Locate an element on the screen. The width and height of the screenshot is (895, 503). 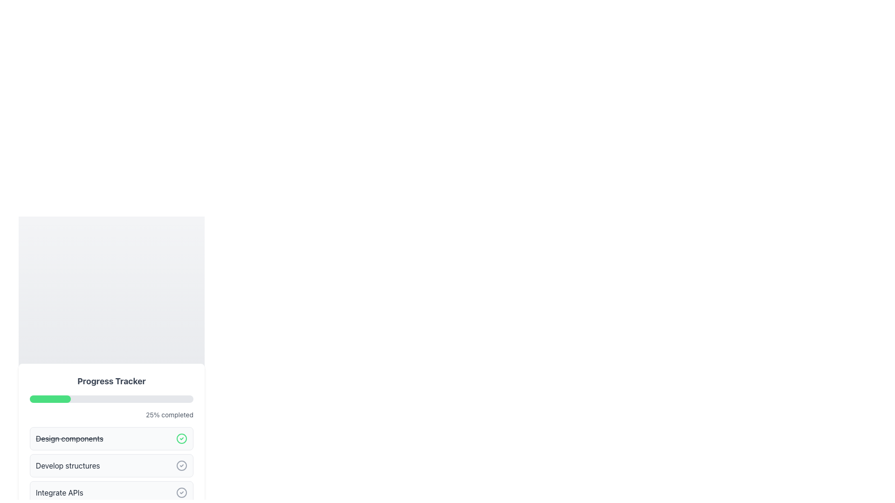
the progress visually by checking the progress bar located below the title 'Progress Tracker' and above the text '25% completed' is located at coordinates (111, 398).